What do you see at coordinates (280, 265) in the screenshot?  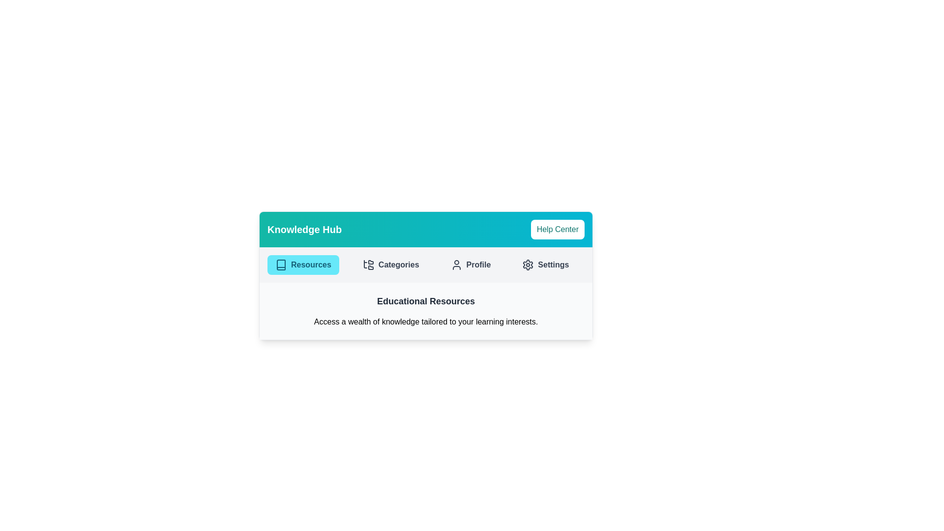 I see `the dark blue book icon located to the left of the 'Resources' text within the 'Resources' button` at bounding box center [280, 265].